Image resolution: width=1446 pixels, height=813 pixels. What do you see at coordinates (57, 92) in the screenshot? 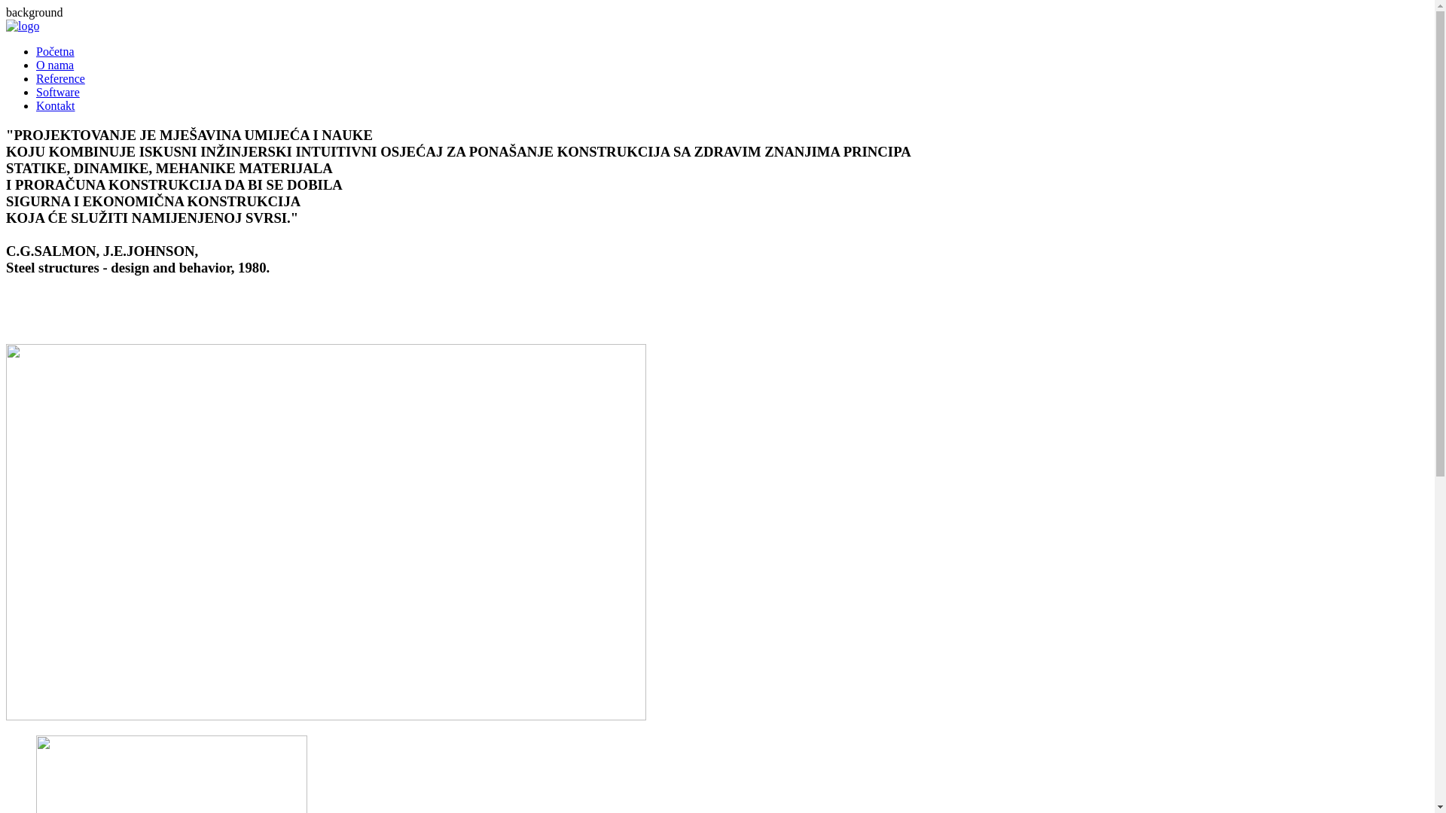
I see `'Software'` at bounding box center [57, 92].